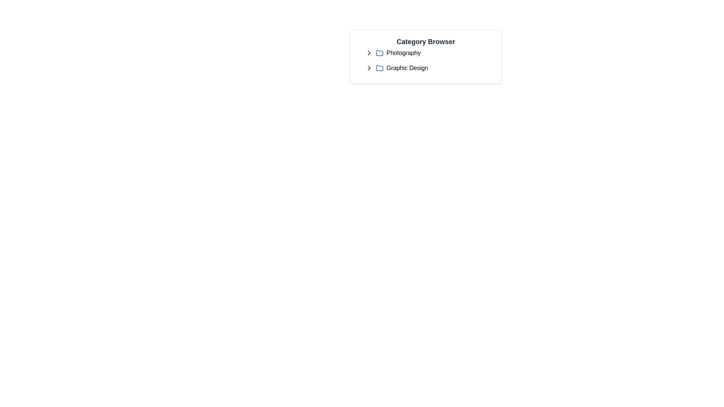  Describe the element at coordinates (371, 68) in the screenshot. I see `the chevron icon indicating that 'Graphic Design' is expandable` at that location.